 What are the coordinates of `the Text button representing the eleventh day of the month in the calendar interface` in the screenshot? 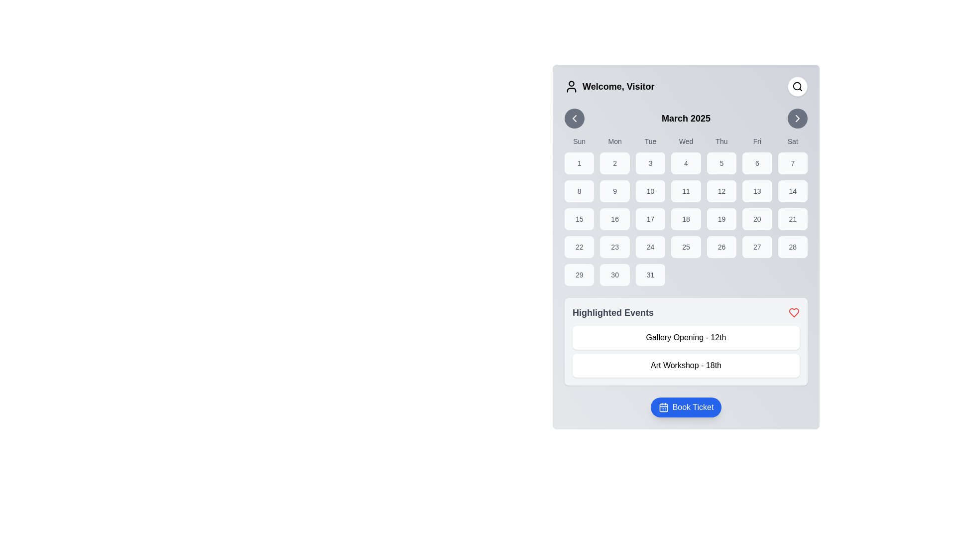 It's located at (685, 191).